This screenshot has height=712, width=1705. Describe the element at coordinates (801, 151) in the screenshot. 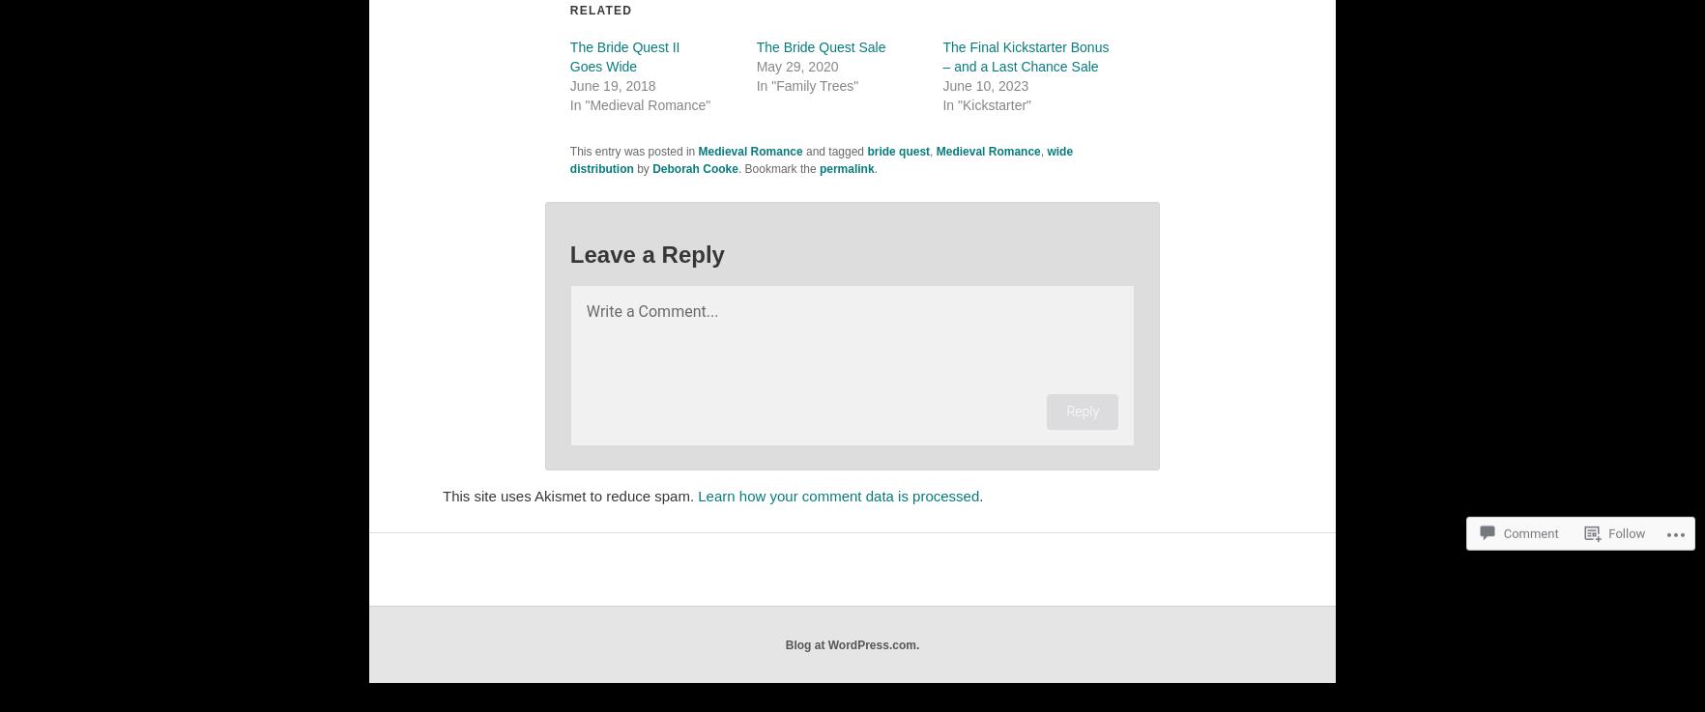

I see `'and tagged'` at that location.